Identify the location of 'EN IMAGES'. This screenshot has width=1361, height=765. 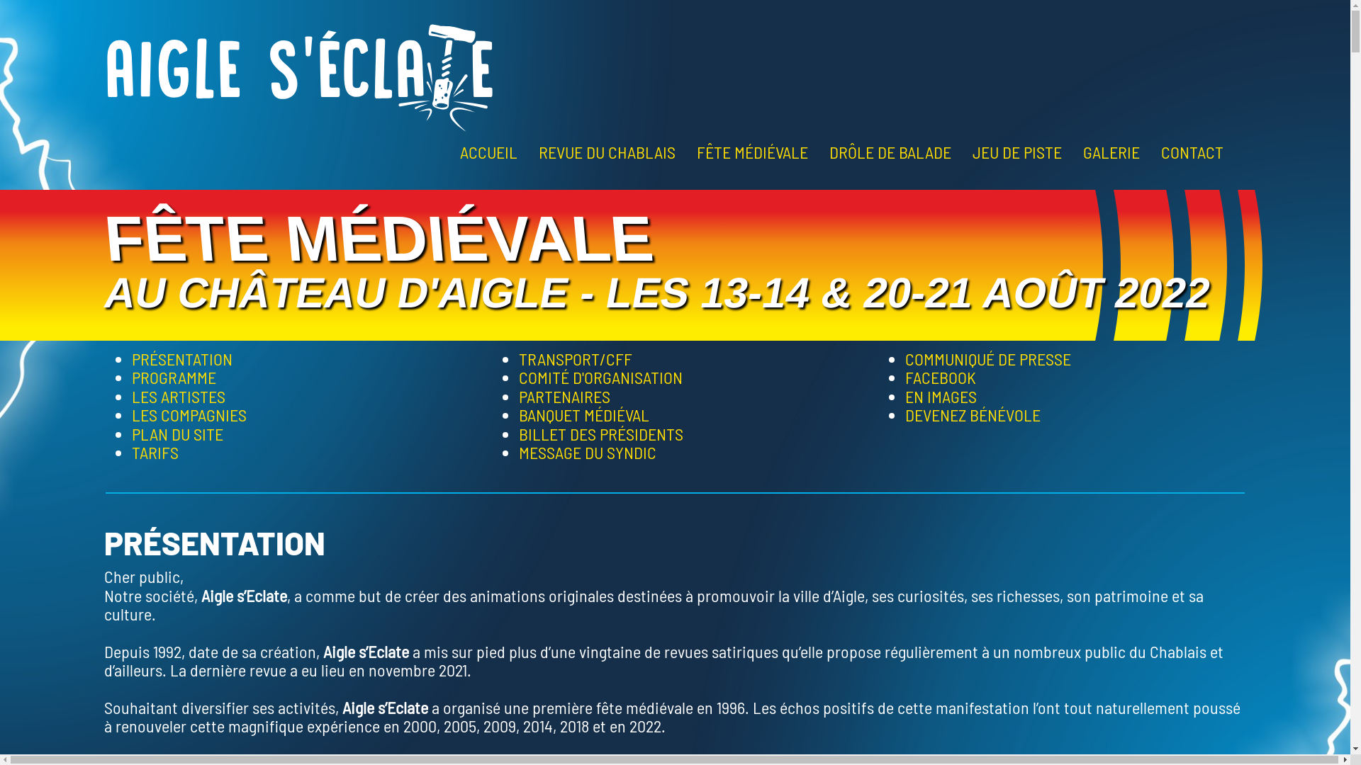
(904, 396).